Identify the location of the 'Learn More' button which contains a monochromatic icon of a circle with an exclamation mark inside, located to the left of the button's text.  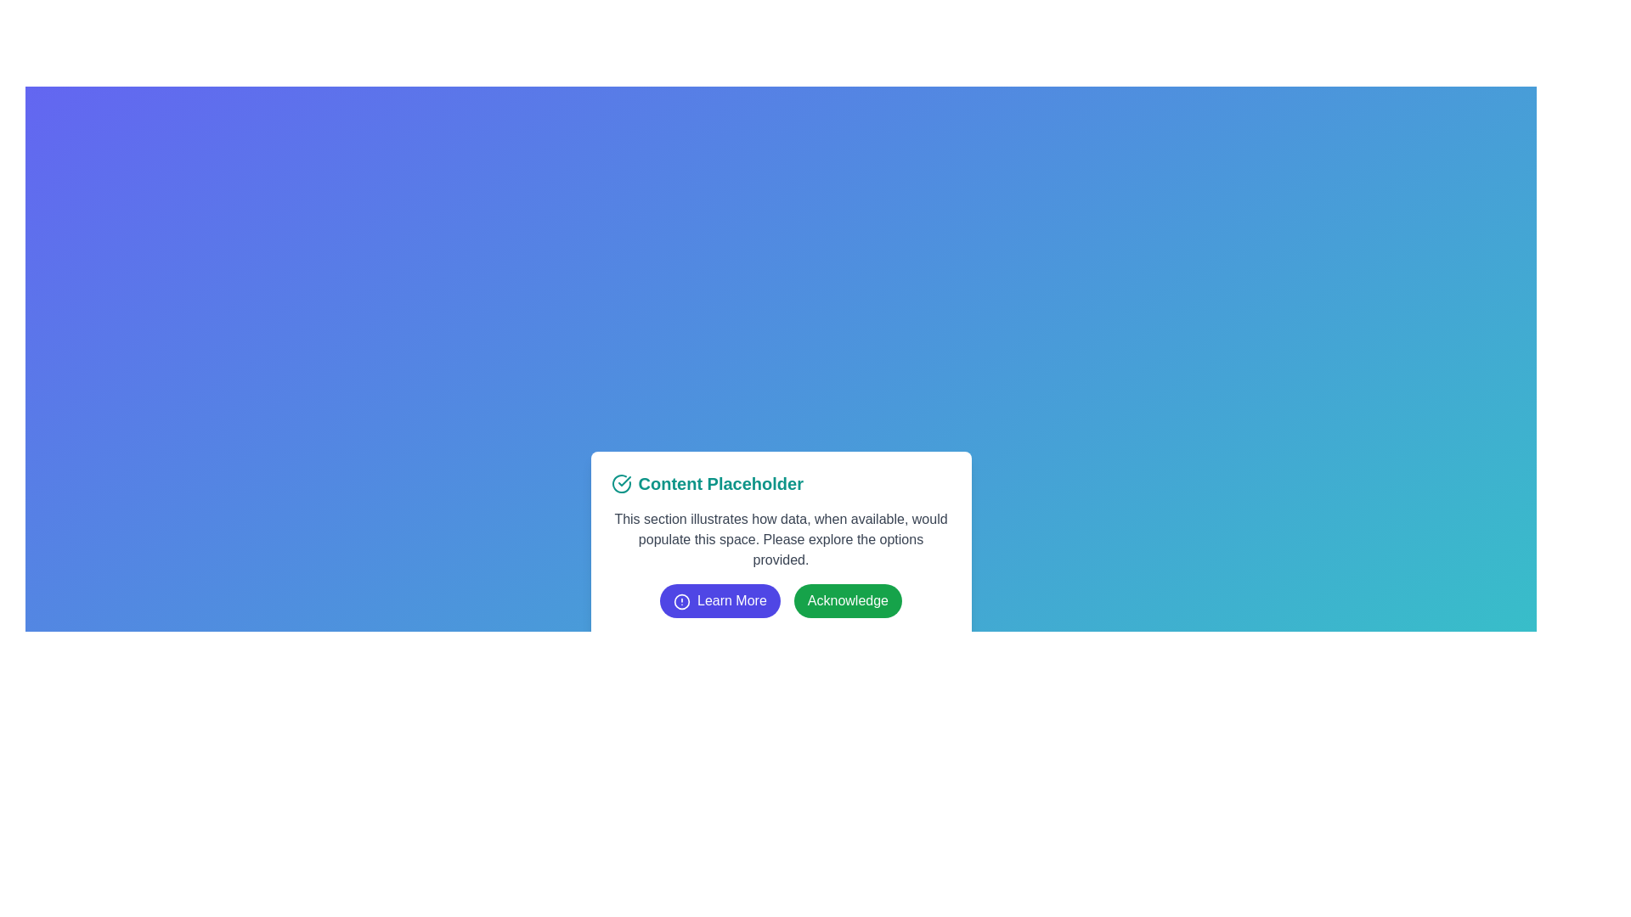
(681, 600).